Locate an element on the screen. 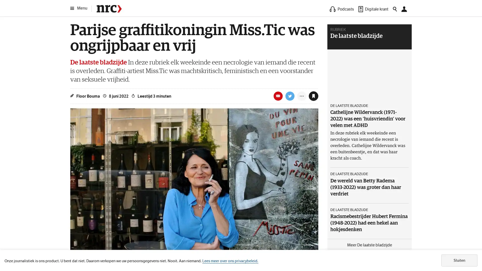 The image size is (482, 271). Mijn NRC is located at coordinates (404, 9).